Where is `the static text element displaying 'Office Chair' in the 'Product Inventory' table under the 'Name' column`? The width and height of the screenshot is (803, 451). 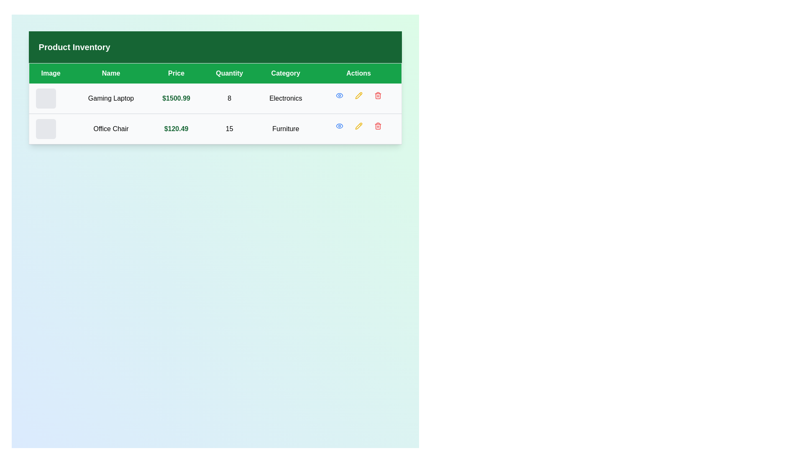 the static text element displaying 'Office Chair' in the 'Product Inventory' table under the 'Name' column is located at coordinates (110, 129).